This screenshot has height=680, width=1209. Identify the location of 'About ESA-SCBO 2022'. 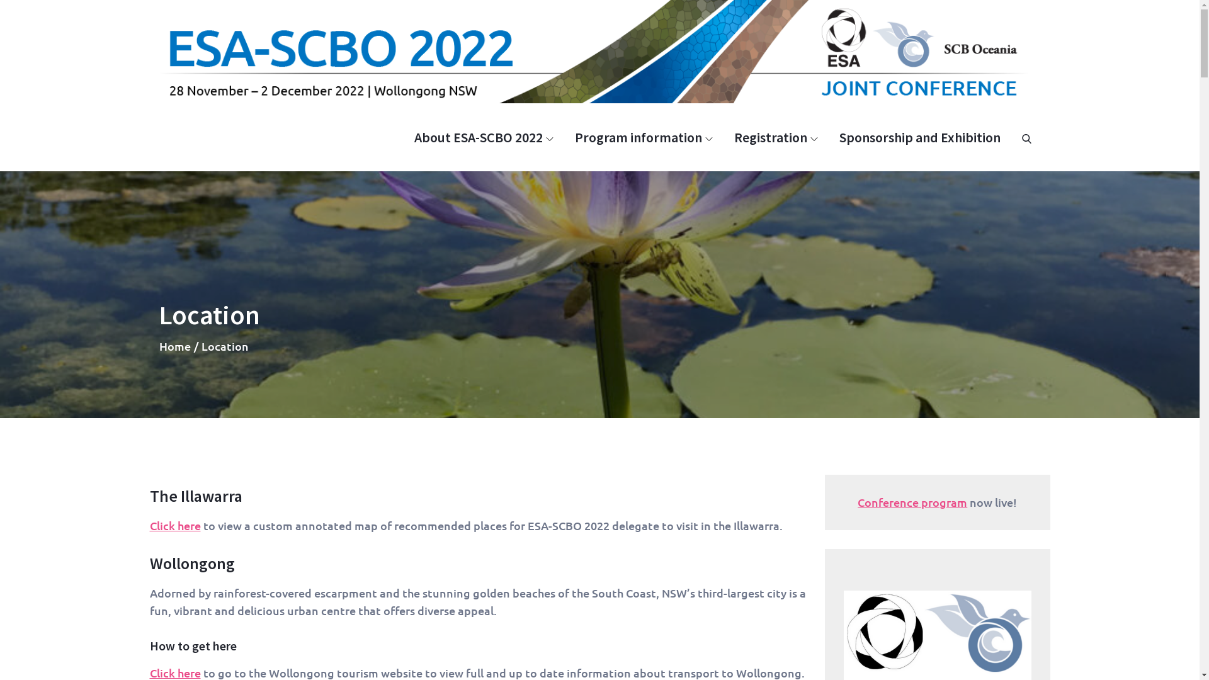
(483, 137).